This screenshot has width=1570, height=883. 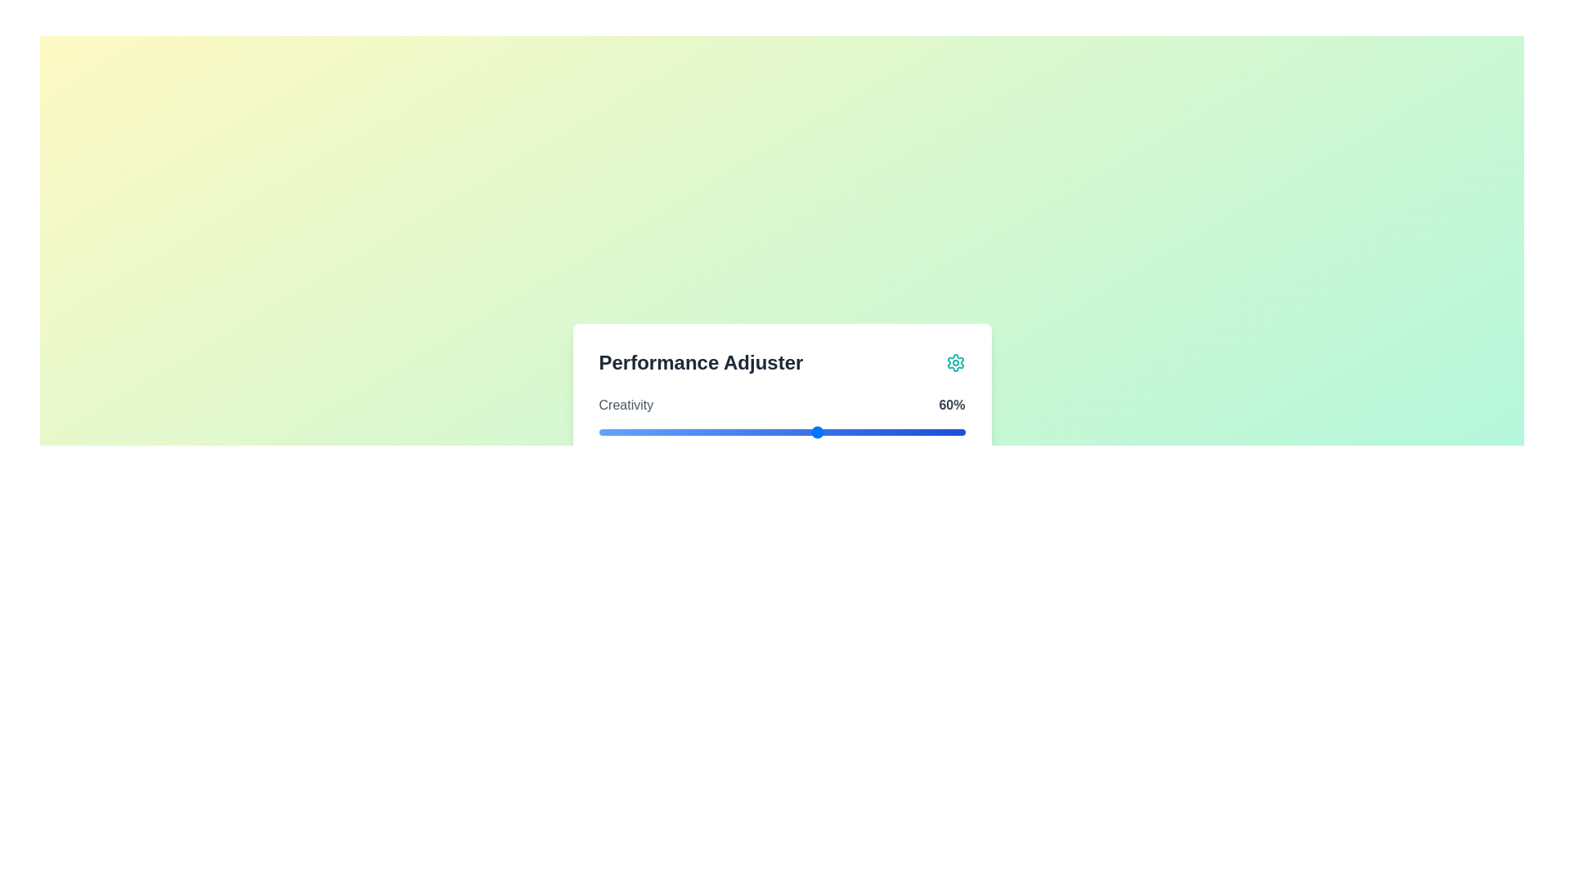 I want to click on the slider to set the value to 38%, so click(x=737, y=431).